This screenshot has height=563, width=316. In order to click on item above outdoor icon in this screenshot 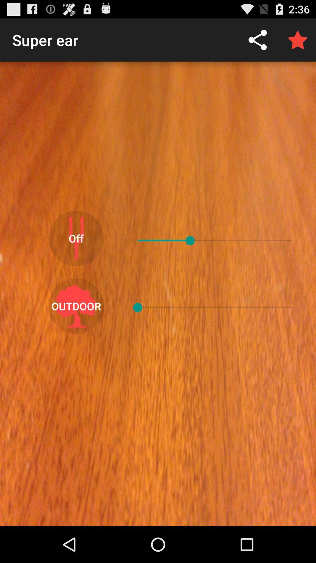, I will do `click(76, 238)`.